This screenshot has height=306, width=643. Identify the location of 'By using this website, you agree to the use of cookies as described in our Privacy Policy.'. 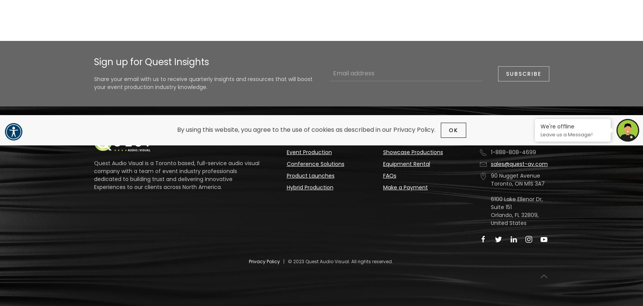
(307, 129).